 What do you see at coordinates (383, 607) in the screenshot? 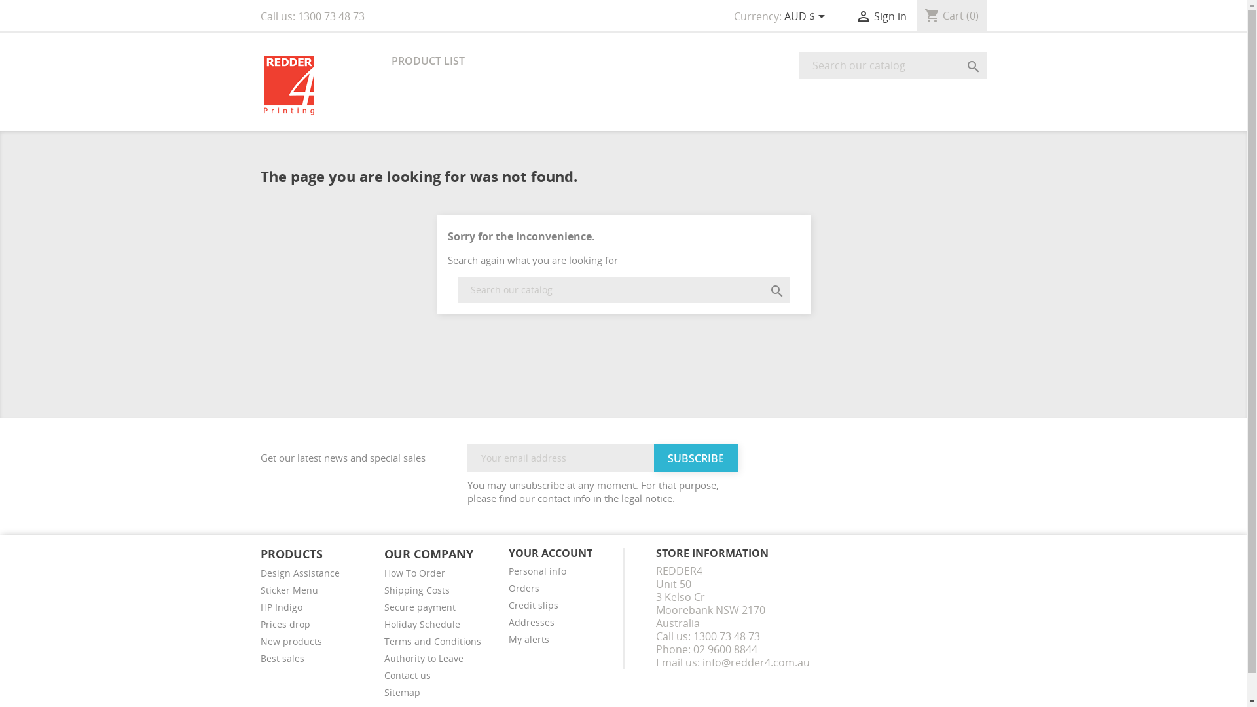
I see `'Secure payment'` at bounding box center [383, 607].